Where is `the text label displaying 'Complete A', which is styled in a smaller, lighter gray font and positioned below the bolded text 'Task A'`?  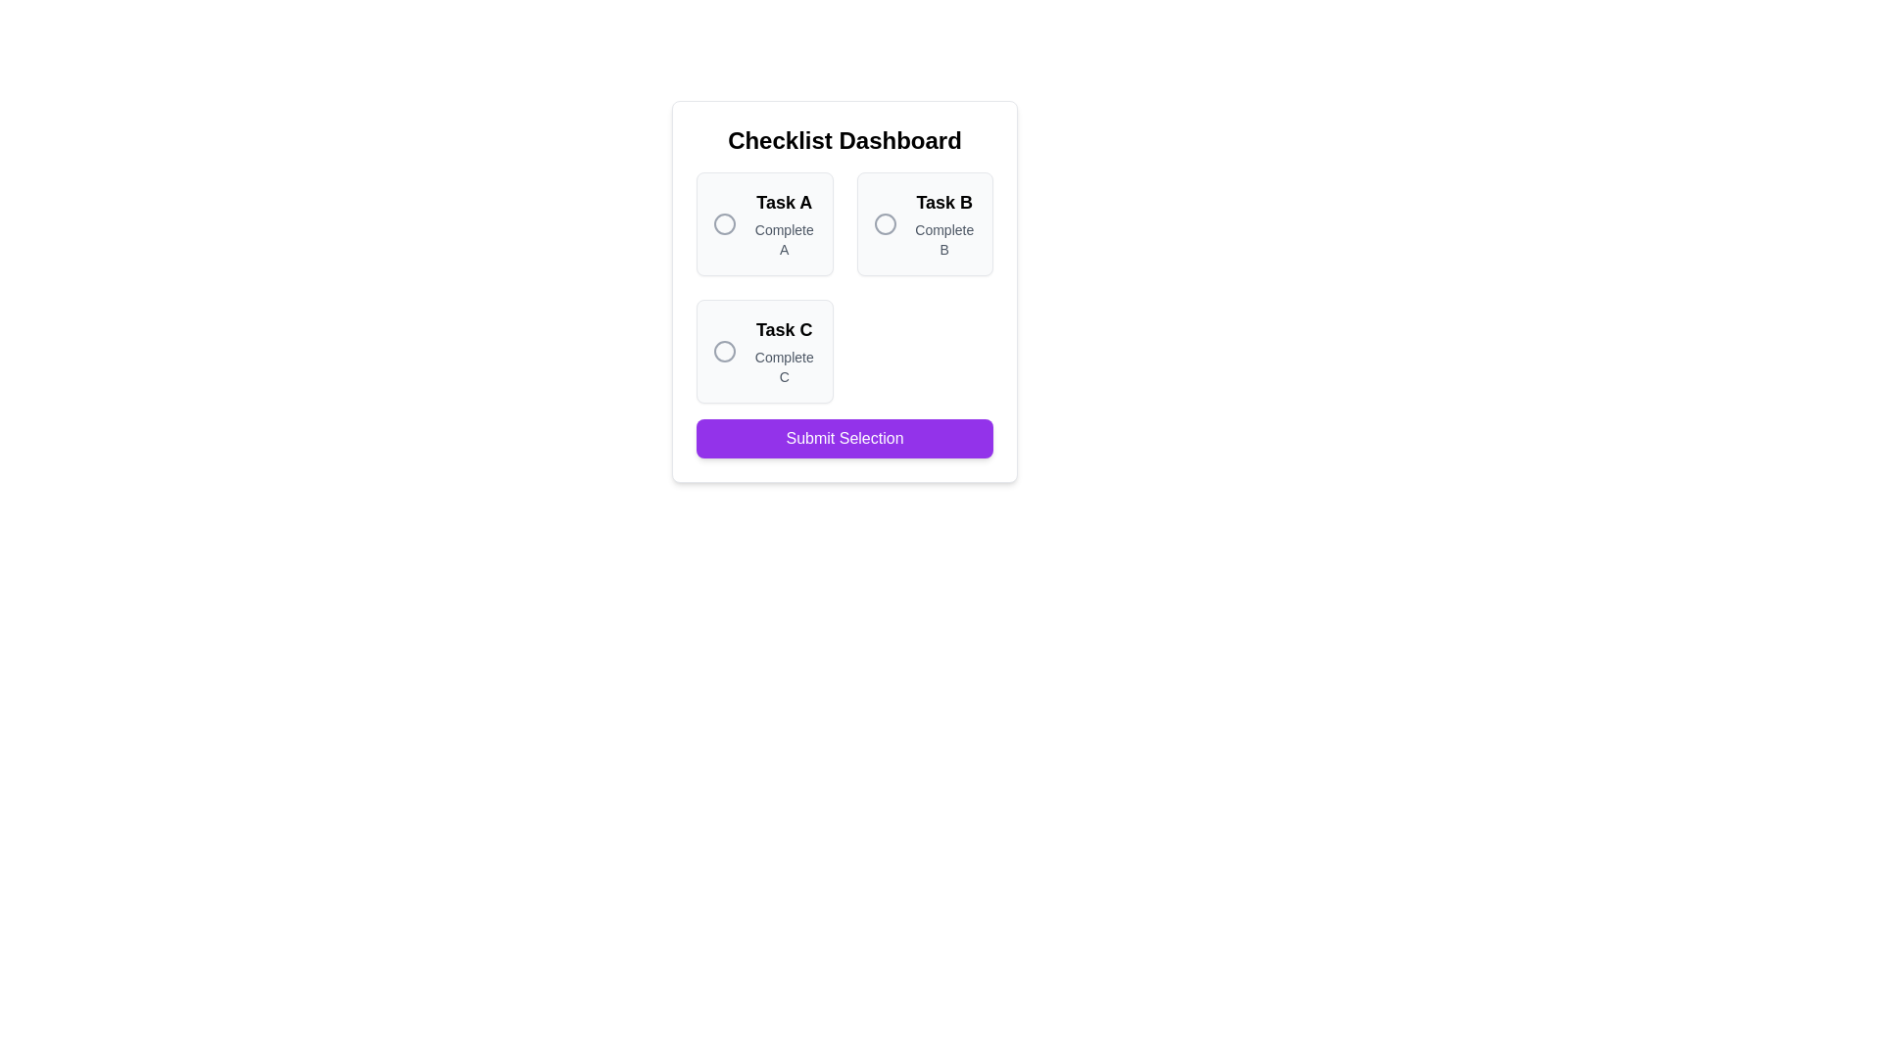
the text label displaying 'Complete A', which is styled in a smaller, lighter gray font and positioned below the bolded text 'Task A' is located at coordinates (784, 239).